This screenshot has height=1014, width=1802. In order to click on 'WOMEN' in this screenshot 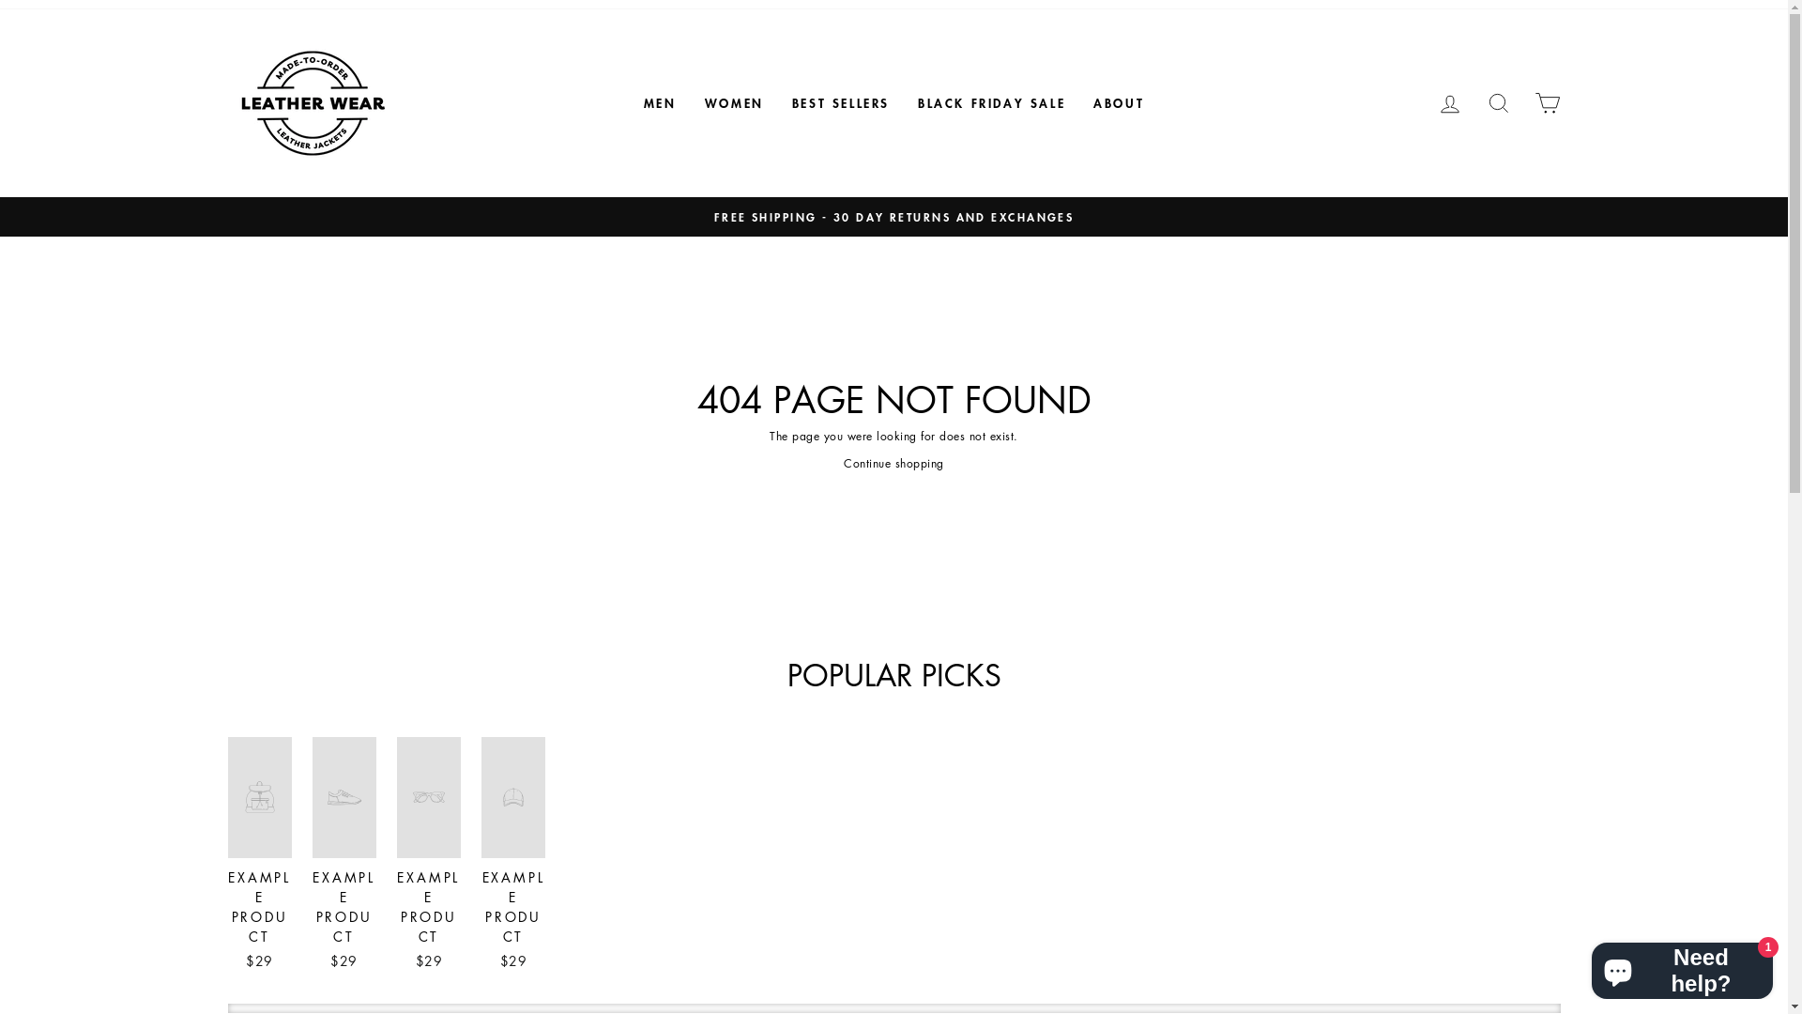, I will do `click(689, 103)`.